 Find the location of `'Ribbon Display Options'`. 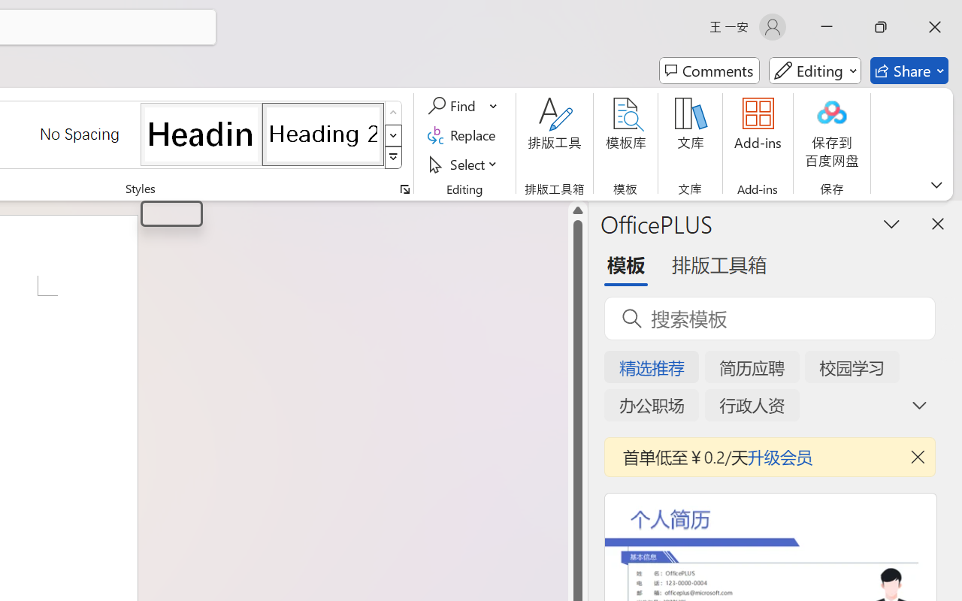

'Ribbon Display Options' is located at coordinates (936, 184).